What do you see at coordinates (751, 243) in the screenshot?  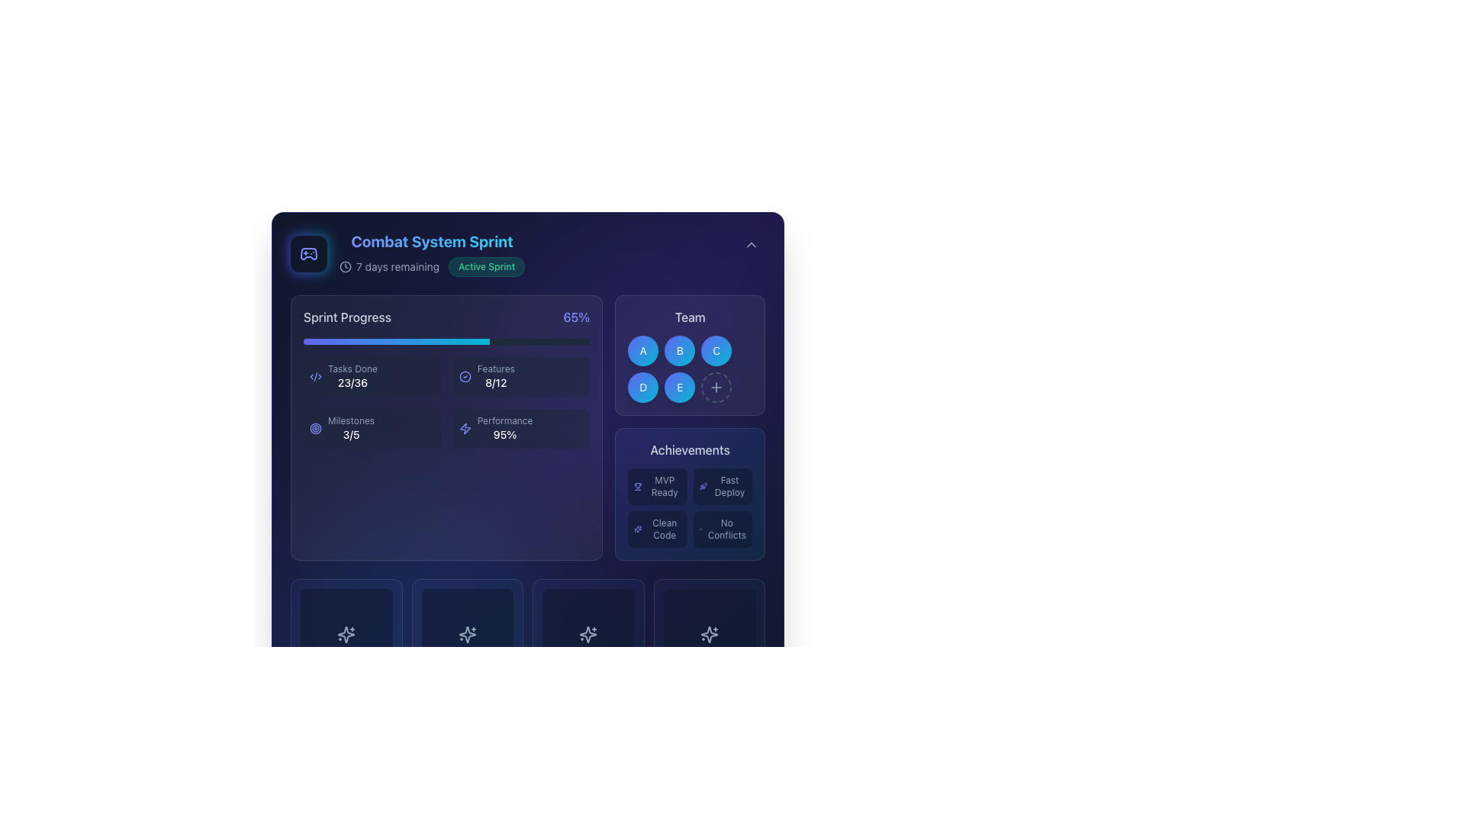 I see `the upward-facing arrow icon button in the top-right corner of the 'Combat System Sprint' interface to trigger the visual feedback effect` at bounding box center [751, 243].